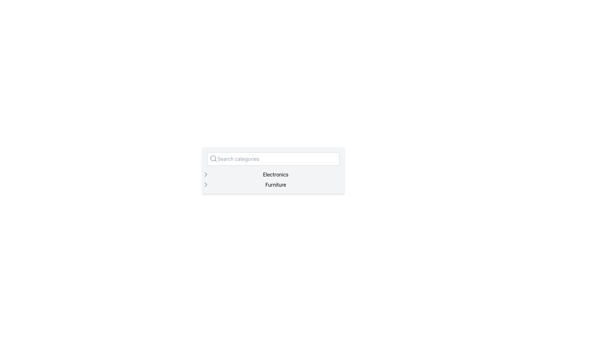 This screenshot has height=344, width=611. Describe the element at coordinates (213, 158) in the screenshot. I see `the search icon located to the left of the 'Search categories' input field, which indicates the search functionality` at that location.